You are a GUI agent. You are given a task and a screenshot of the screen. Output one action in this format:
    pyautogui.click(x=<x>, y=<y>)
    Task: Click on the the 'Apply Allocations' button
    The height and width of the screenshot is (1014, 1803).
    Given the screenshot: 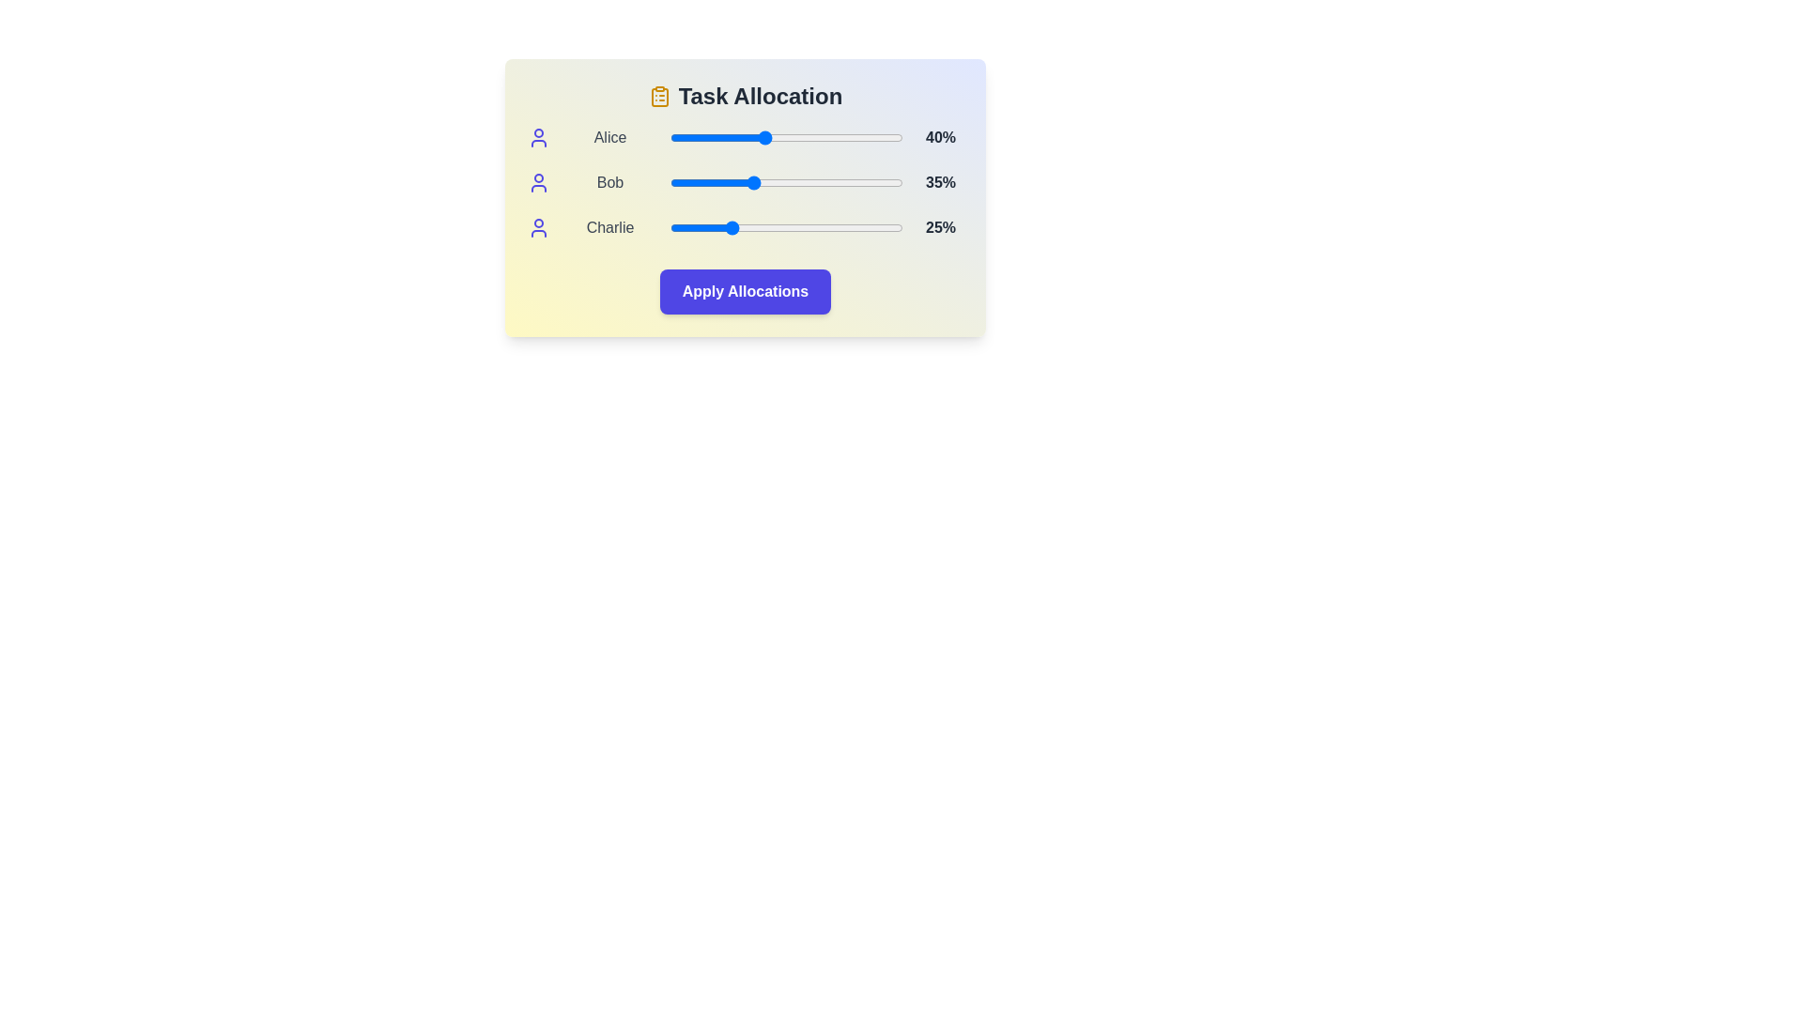 What is the action you would take?
    pyautogui.click(x=744, y=292)
    